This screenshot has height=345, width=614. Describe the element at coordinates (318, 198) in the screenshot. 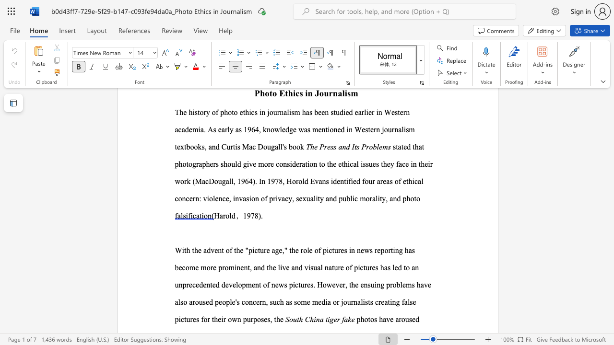

I see `the subset text "ty and public morality, a" within the text "four areas of ethical concern: violence, invasion of privacy, sexuality and public morality, and photo"` at that location.